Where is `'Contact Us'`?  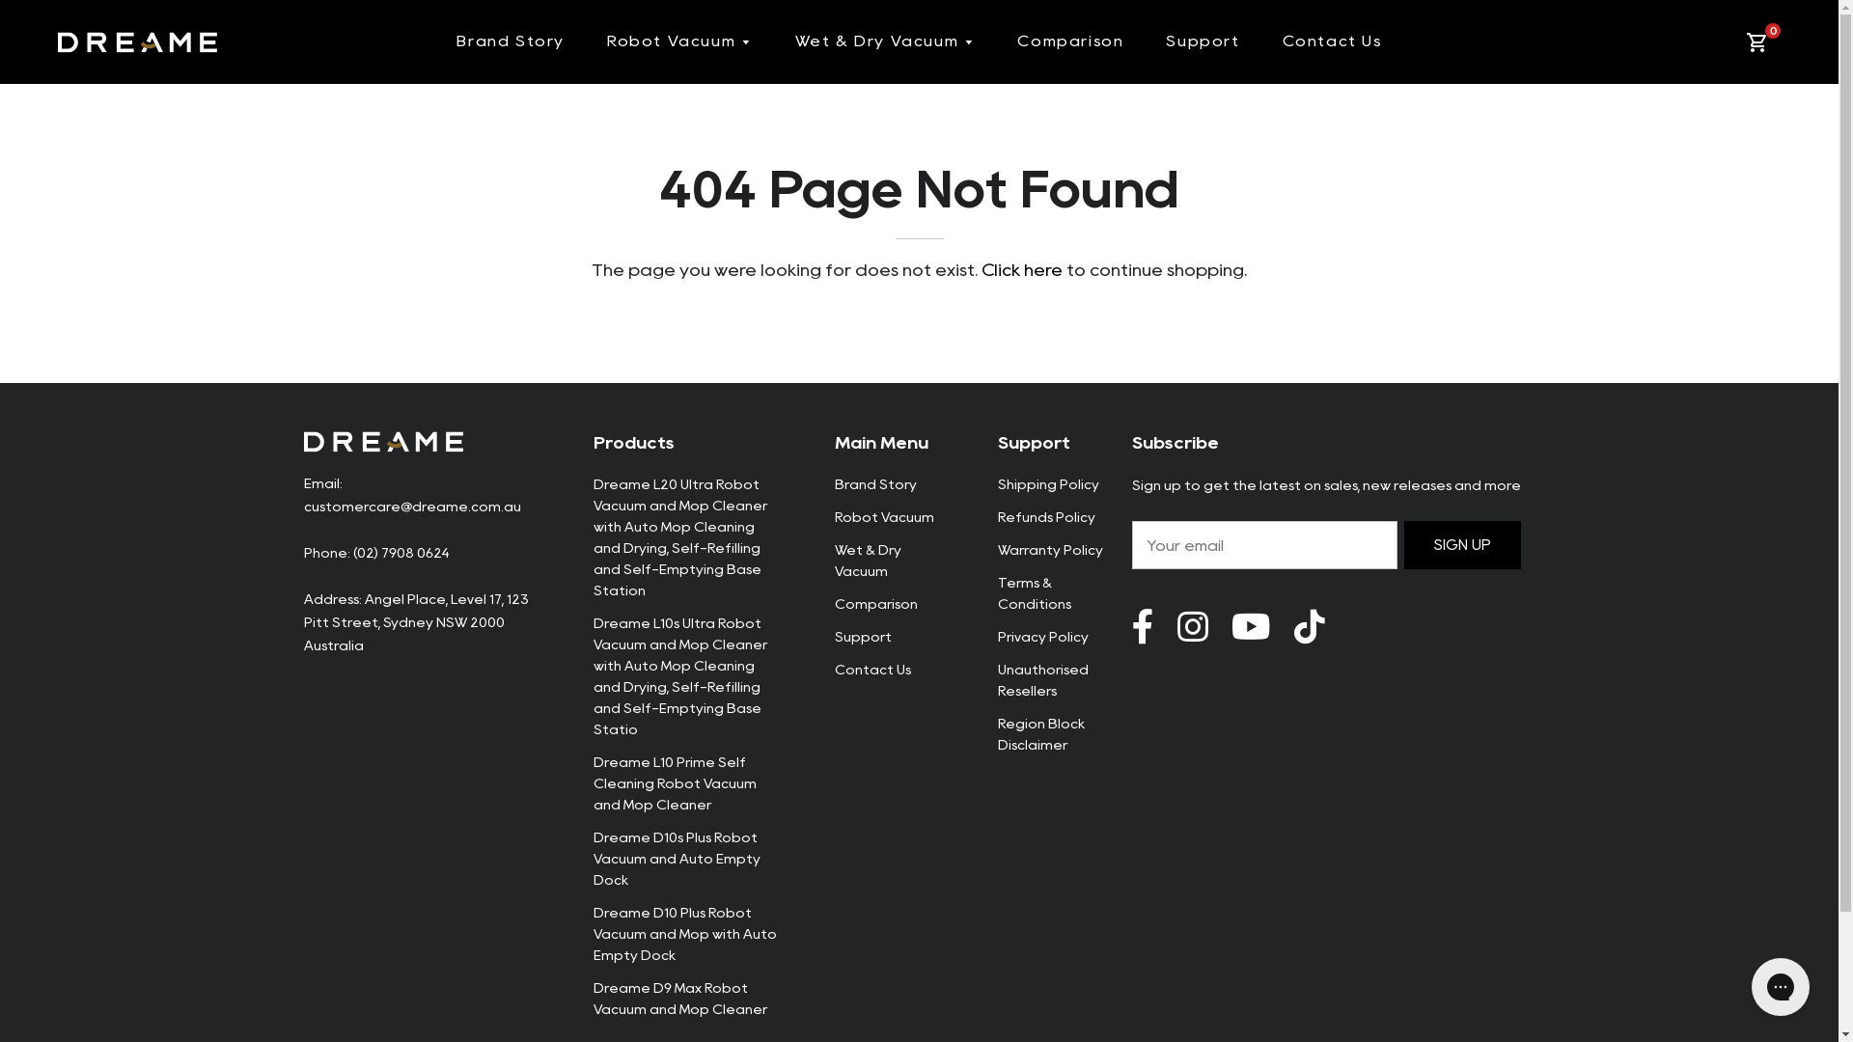
'Contact Us' is located at coordinates (1331, 41).